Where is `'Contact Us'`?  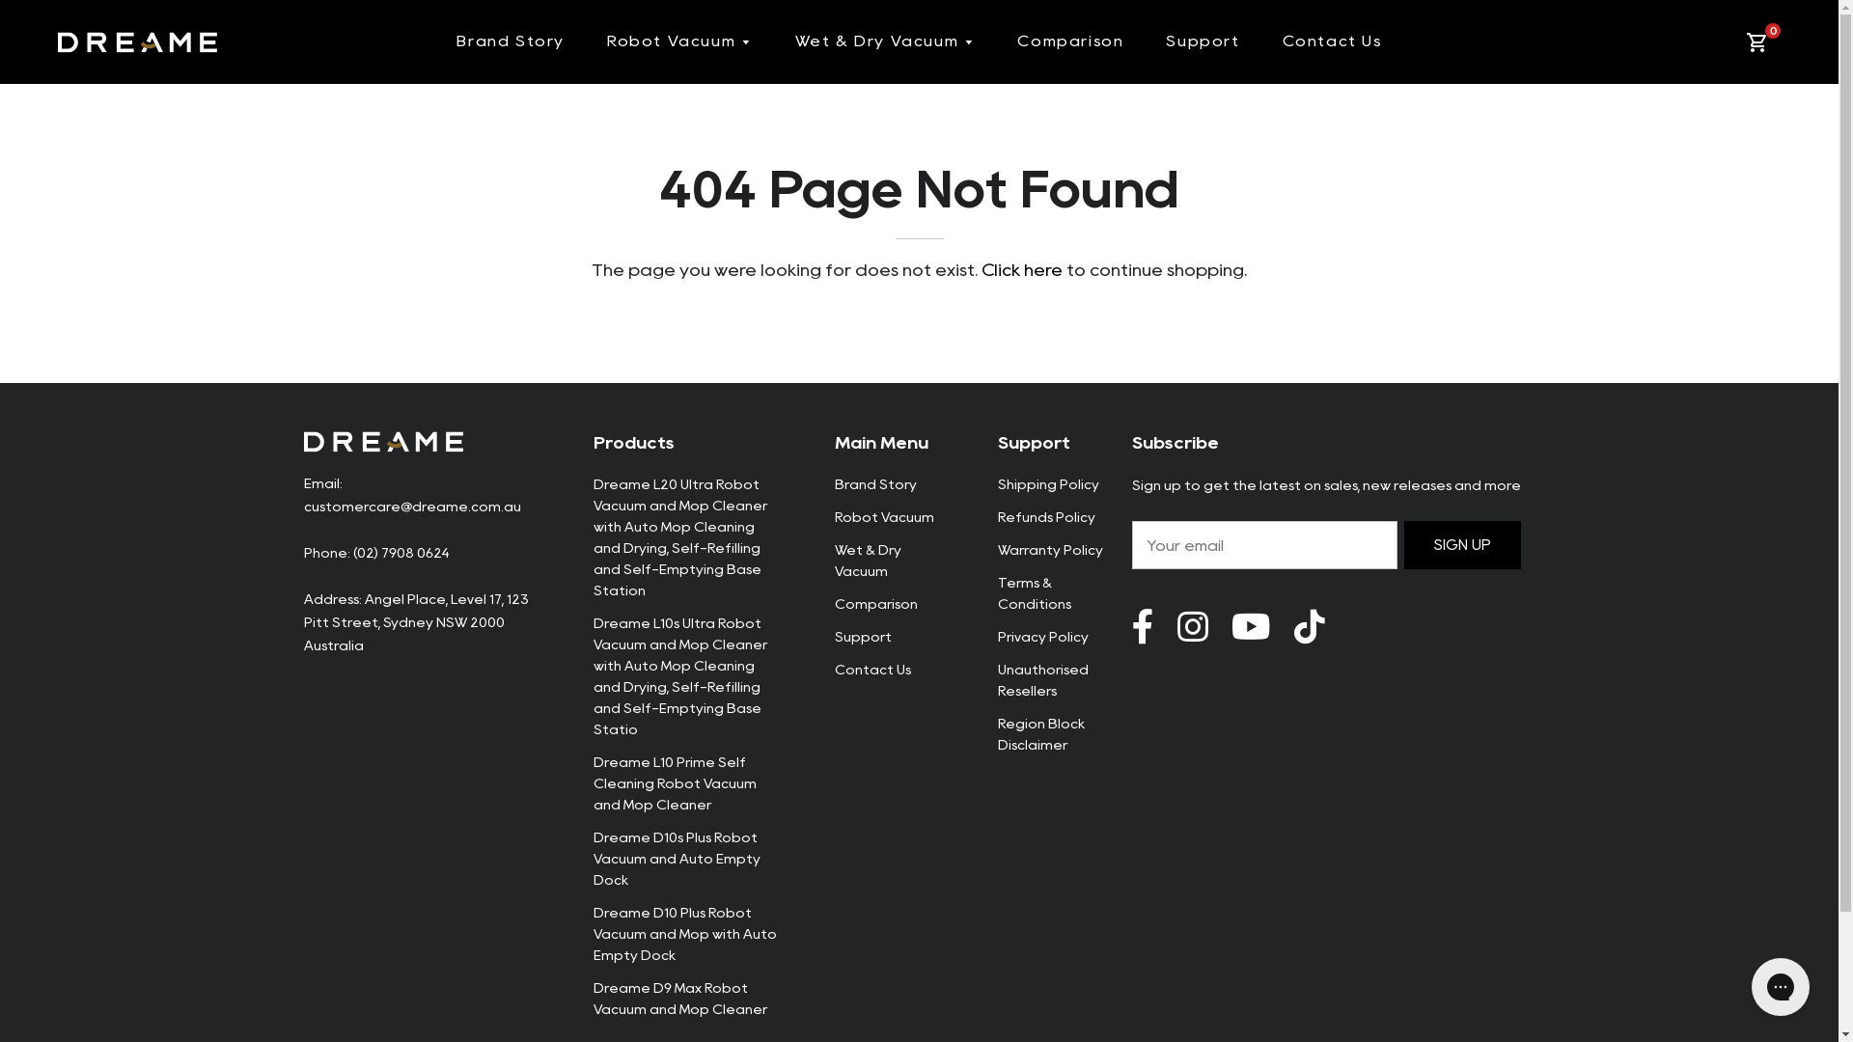
'Contact Us' is located at coordinates (1331, 41).